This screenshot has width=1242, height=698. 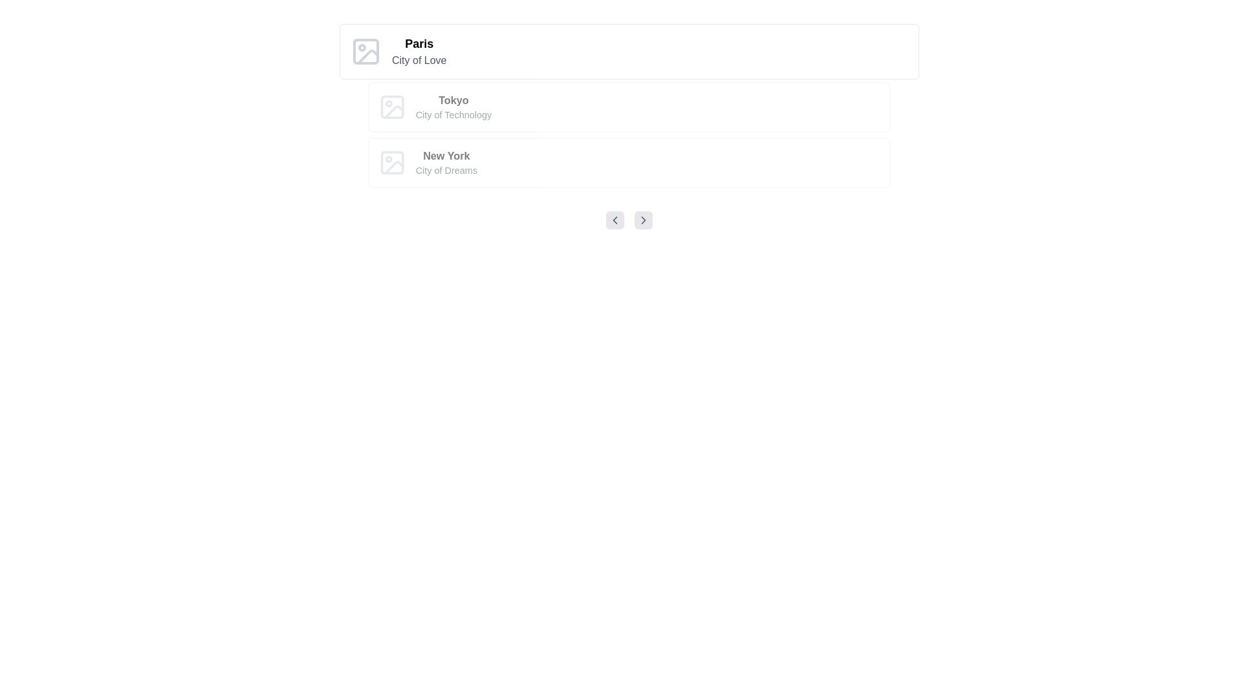 What do you see at coordinates (365, 51) in the screenshot?
I see `the rectangular decorative element with rounded corners in the 'Paris - City of Love' image placeholder` at bounding box center [365, 51].